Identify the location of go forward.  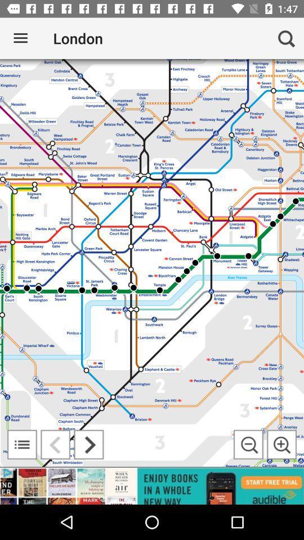
(88, 444).